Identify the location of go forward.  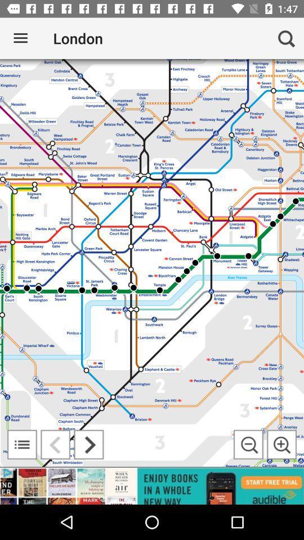
(88, 444).